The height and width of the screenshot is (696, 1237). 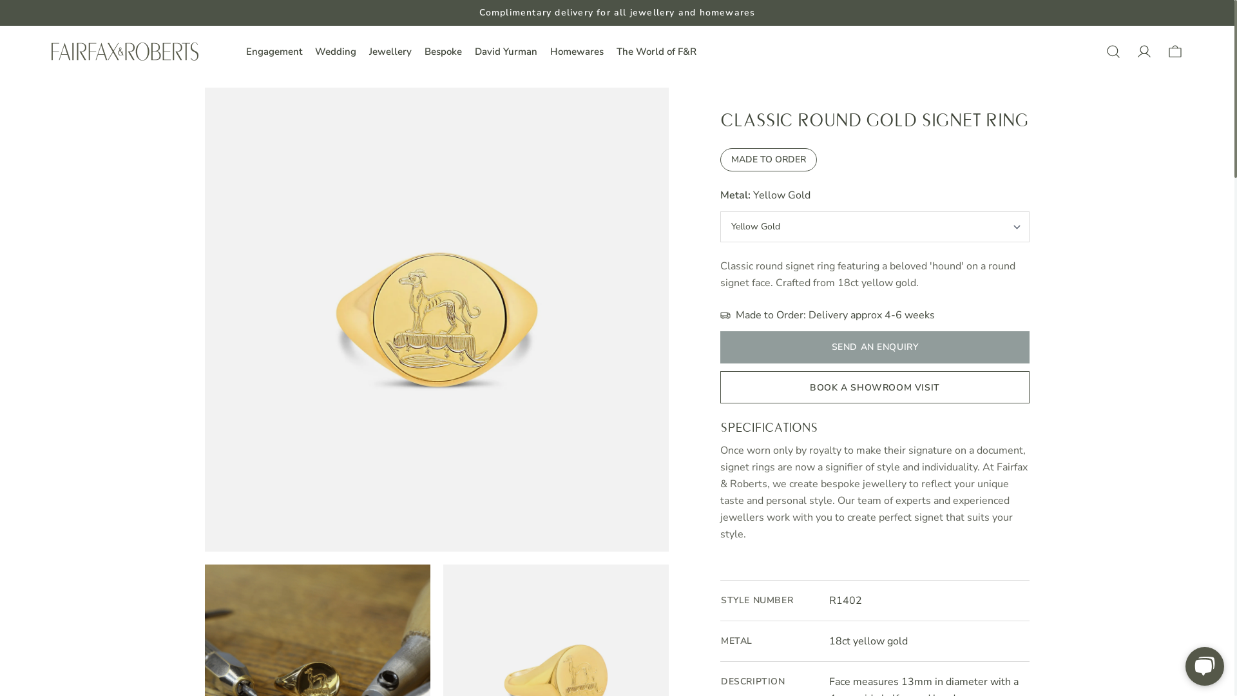 I want to click on 'Wedding', so click(x=315, y=51).